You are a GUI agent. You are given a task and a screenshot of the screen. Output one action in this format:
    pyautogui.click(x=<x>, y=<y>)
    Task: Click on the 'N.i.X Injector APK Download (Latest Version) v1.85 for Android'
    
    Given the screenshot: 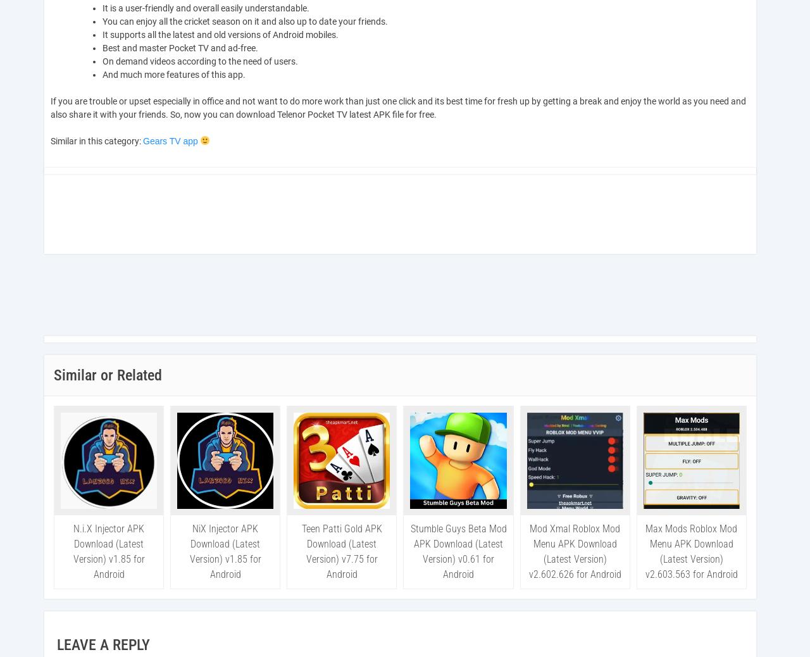 What is the action you would take?
    pyautogui.click(x=108, y=551)
    